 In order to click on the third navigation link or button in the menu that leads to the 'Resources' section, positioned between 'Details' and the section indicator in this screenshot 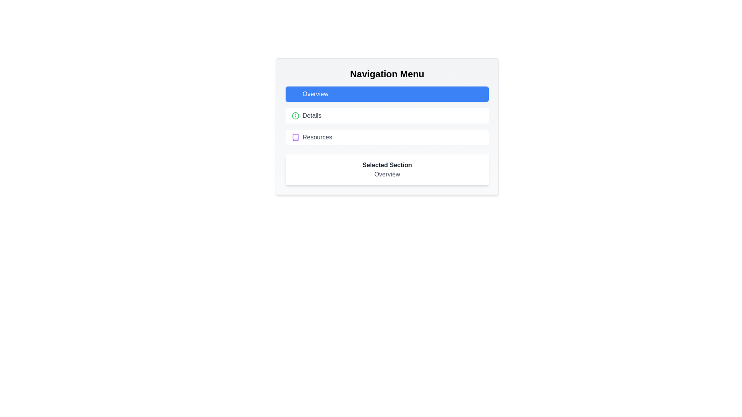, I will do `click(387, 137)`.